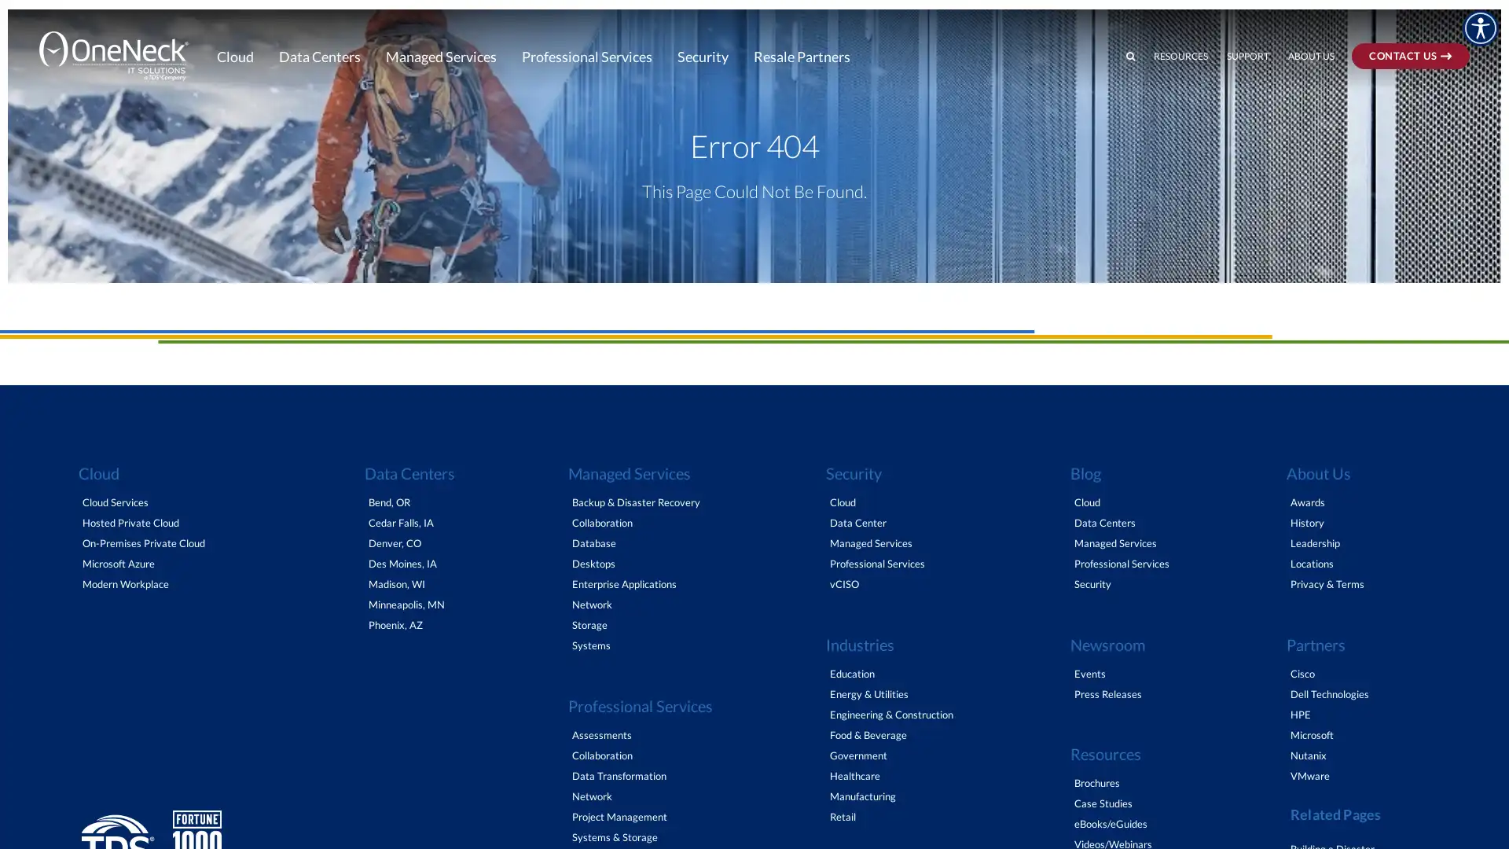  I want to click on CONTACT US, so click(1411, 54).